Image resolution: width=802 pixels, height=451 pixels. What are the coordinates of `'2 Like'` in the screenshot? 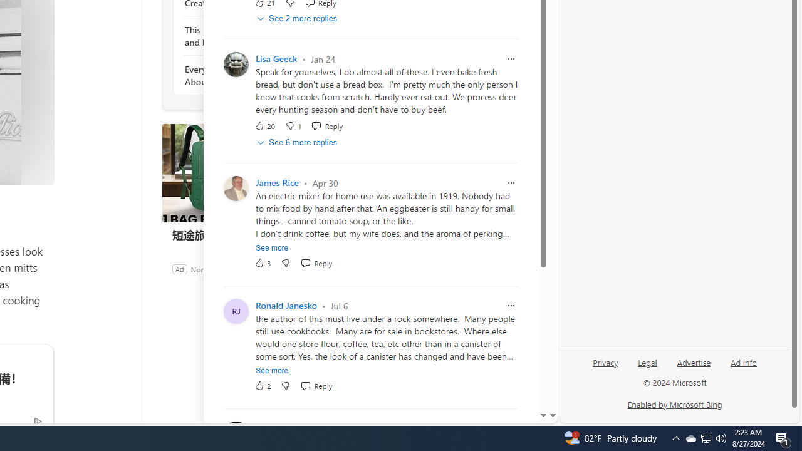 It's located at (262, 385).